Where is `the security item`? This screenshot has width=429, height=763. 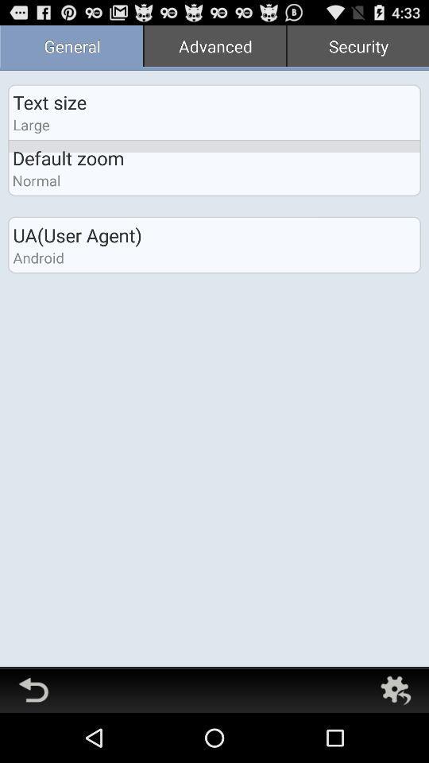
the security item is located at coordinates (357, 47).